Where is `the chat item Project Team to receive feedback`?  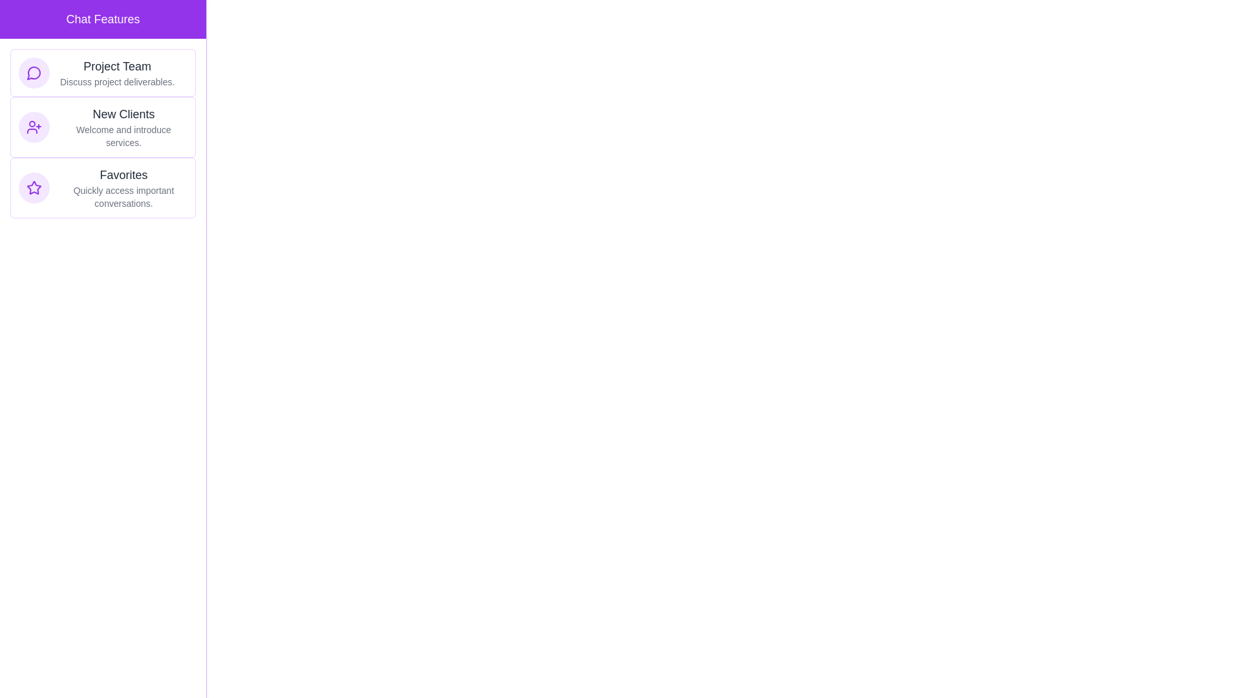 the chat item Project Team to receive feedback is located at coordinates (102, 72).